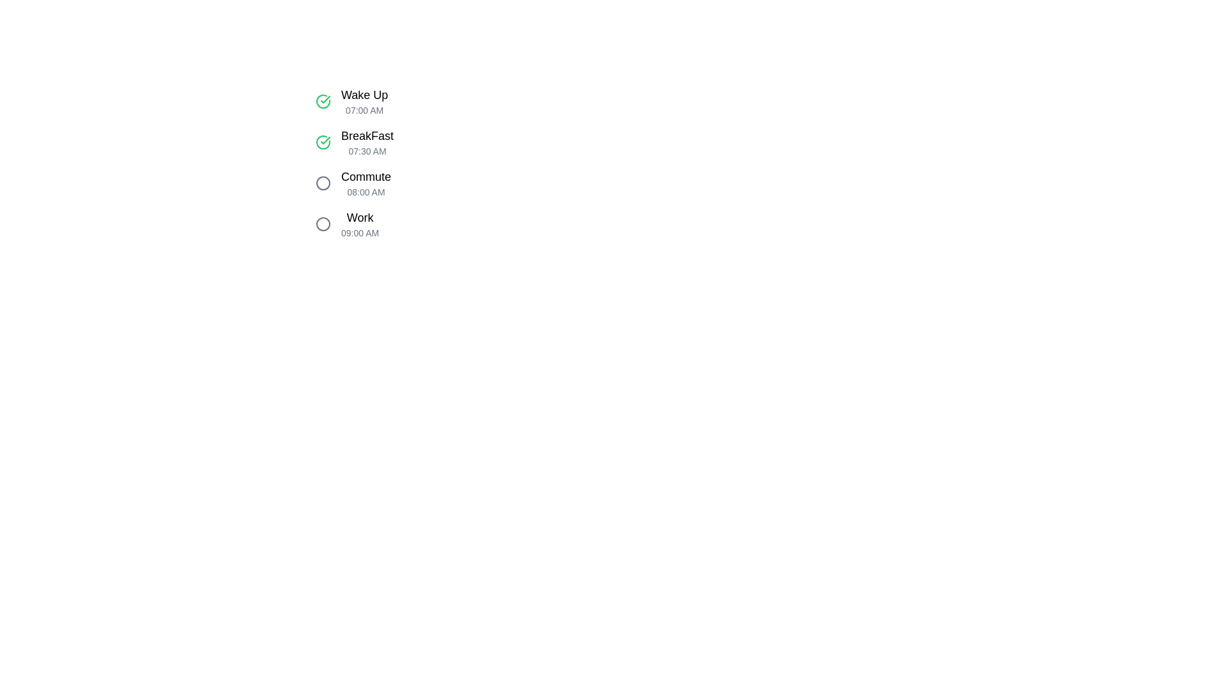 This screenshot has height=690, width=1227. Describe the element at coordinates (367, 142) in the screenshot. I see `the Text Display that indicates the scheduled activity 'BreakFast' at '07:30 AM', which is the second item in the vertical list` at that location.